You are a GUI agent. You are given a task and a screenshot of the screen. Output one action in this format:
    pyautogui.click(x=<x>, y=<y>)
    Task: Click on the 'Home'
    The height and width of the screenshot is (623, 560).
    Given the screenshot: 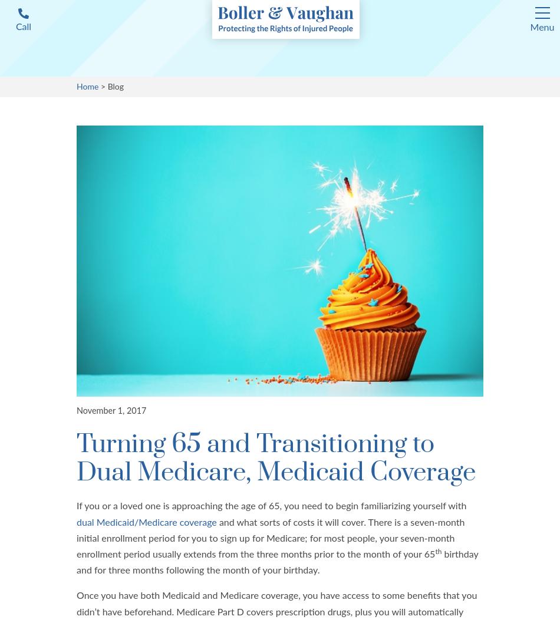 What is the action you would take?
    pyautogui.click(x=87, y=86)
    